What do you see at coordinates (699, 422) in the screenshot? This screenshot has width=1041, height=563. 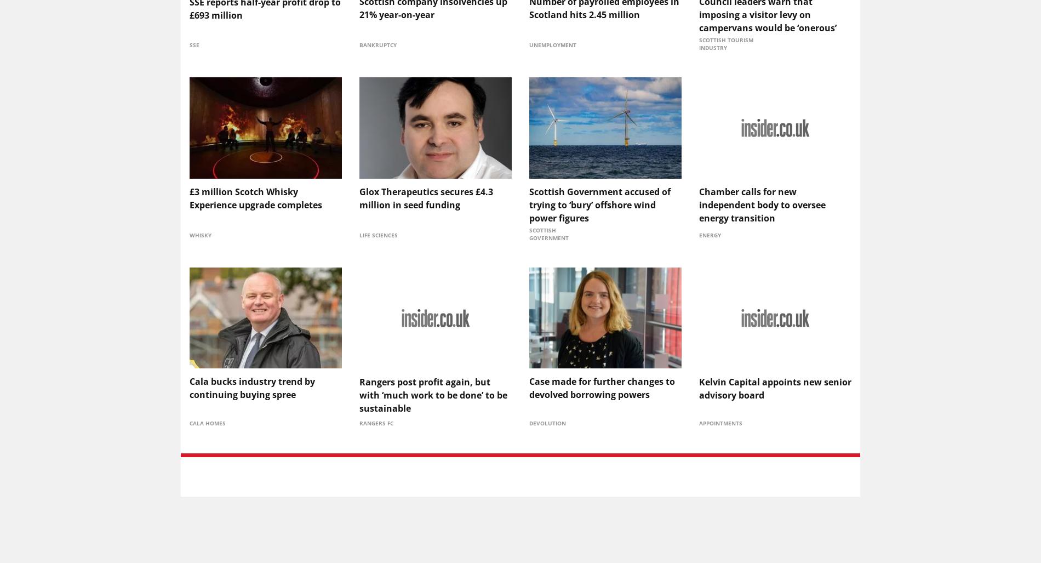 I see `'Appointments'` at bounding box center [699, 422].